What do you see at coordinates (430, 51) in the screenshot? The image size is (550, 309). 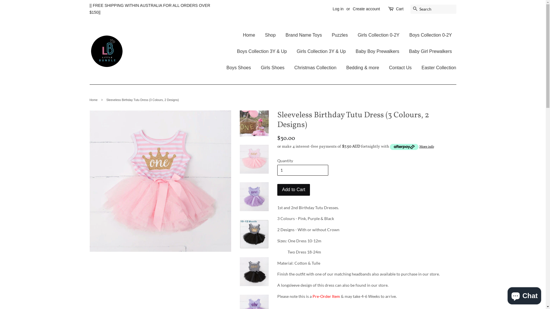 I see `'Baby Girl Prewalkers'` at bounding box center [430, 51].